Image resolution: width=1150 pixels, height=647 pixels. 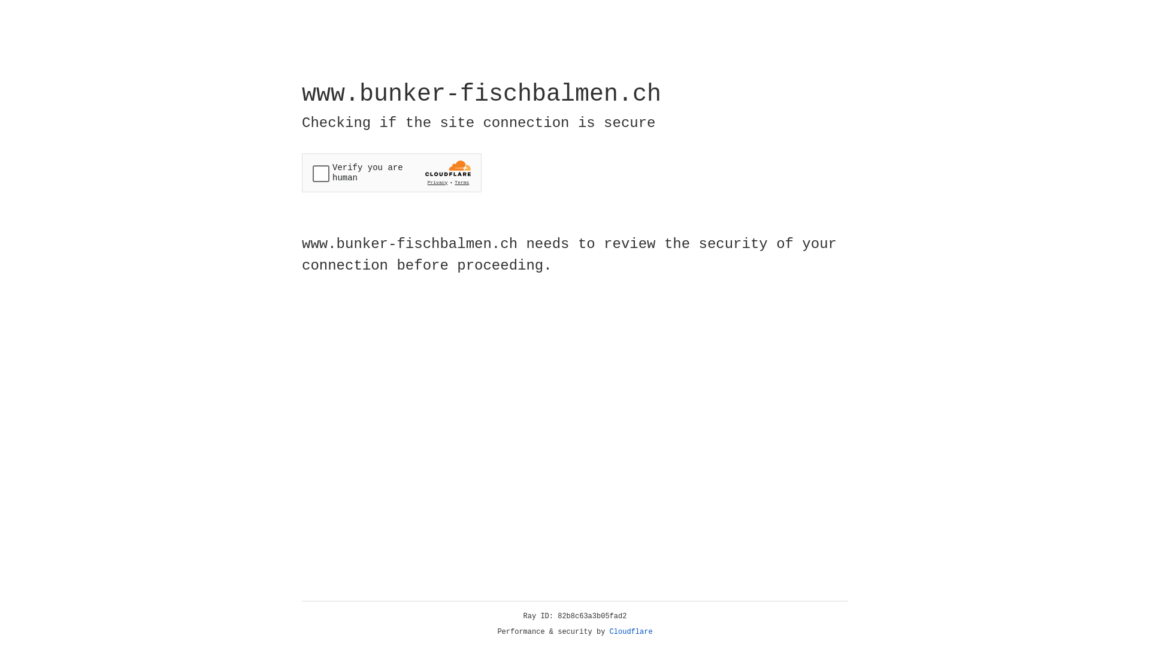 What do you see at coordinates (391, 173) in the screenshot?
I see `'Widget containing a Cloudflare security challenge'` at bounding box center [391, 173].